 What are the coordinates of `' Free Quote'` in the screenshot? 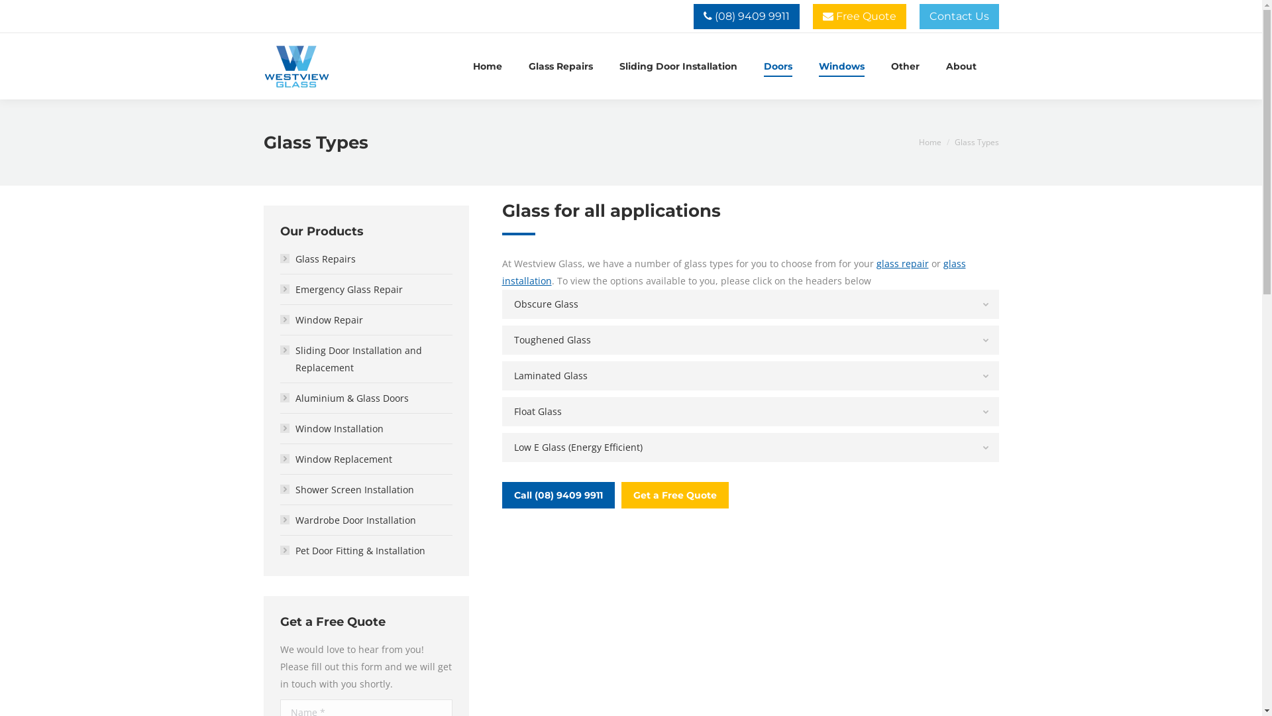 It's located at (811, 16).